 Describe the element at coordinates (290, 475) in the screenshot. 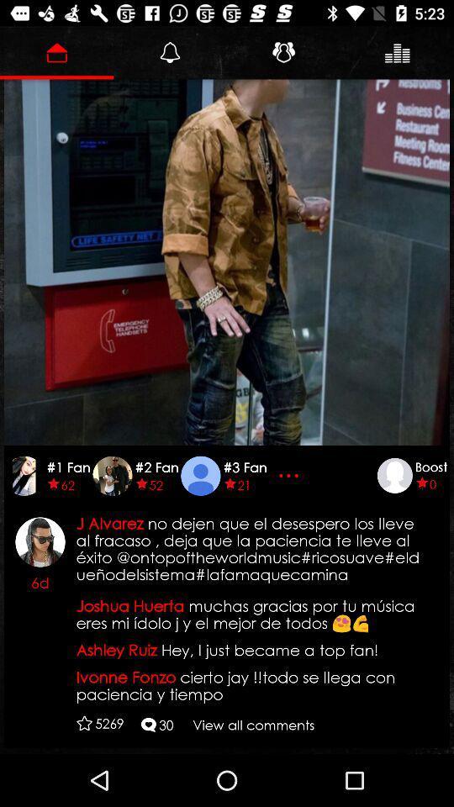

I see `the icon to the right of the #3 fan` at that location.